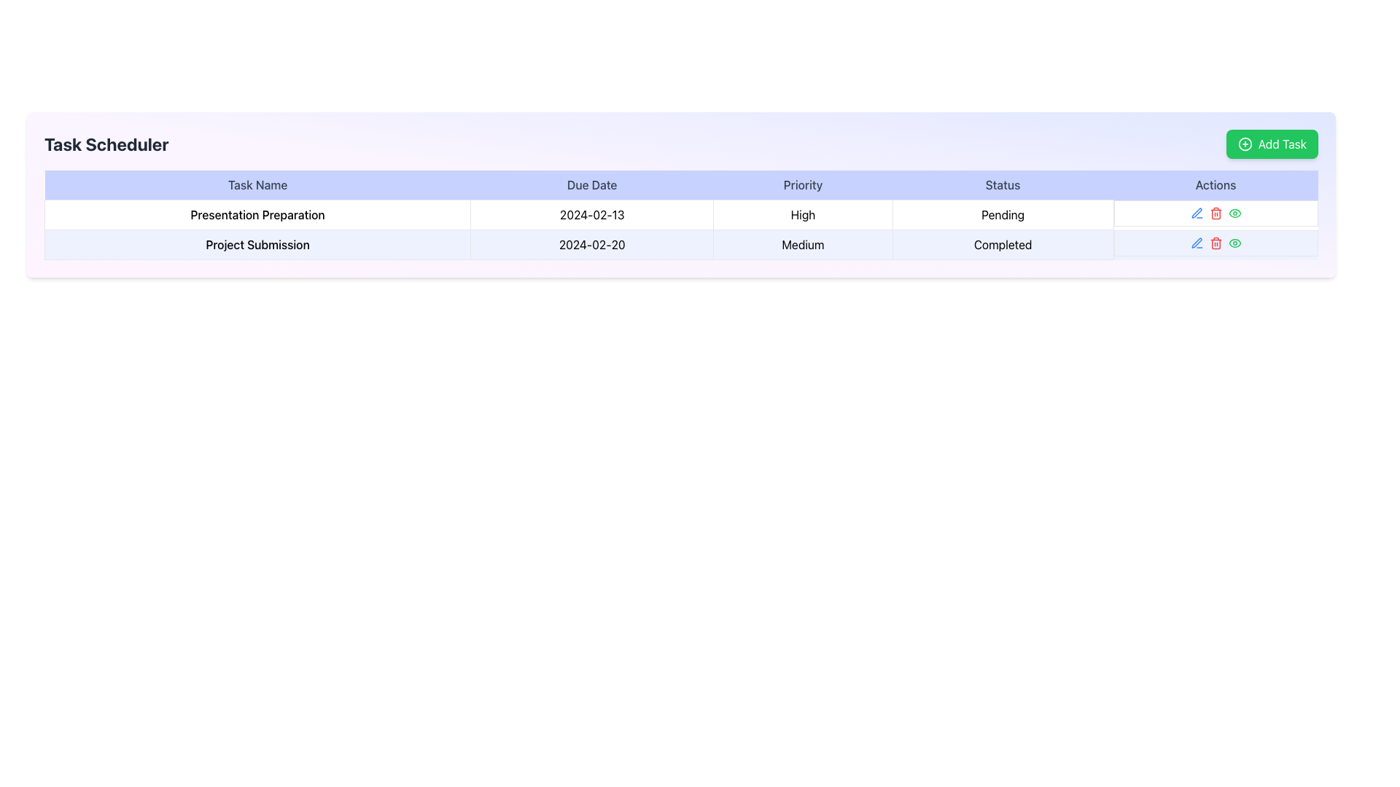 Image resolution: width=1400 pixels, height=787 pixels. Describe the element at coordinates (1197, 213) in the screenshot. I see `the edit icon button in the 'Actions' column of the 'Project Submission' task` at that location.